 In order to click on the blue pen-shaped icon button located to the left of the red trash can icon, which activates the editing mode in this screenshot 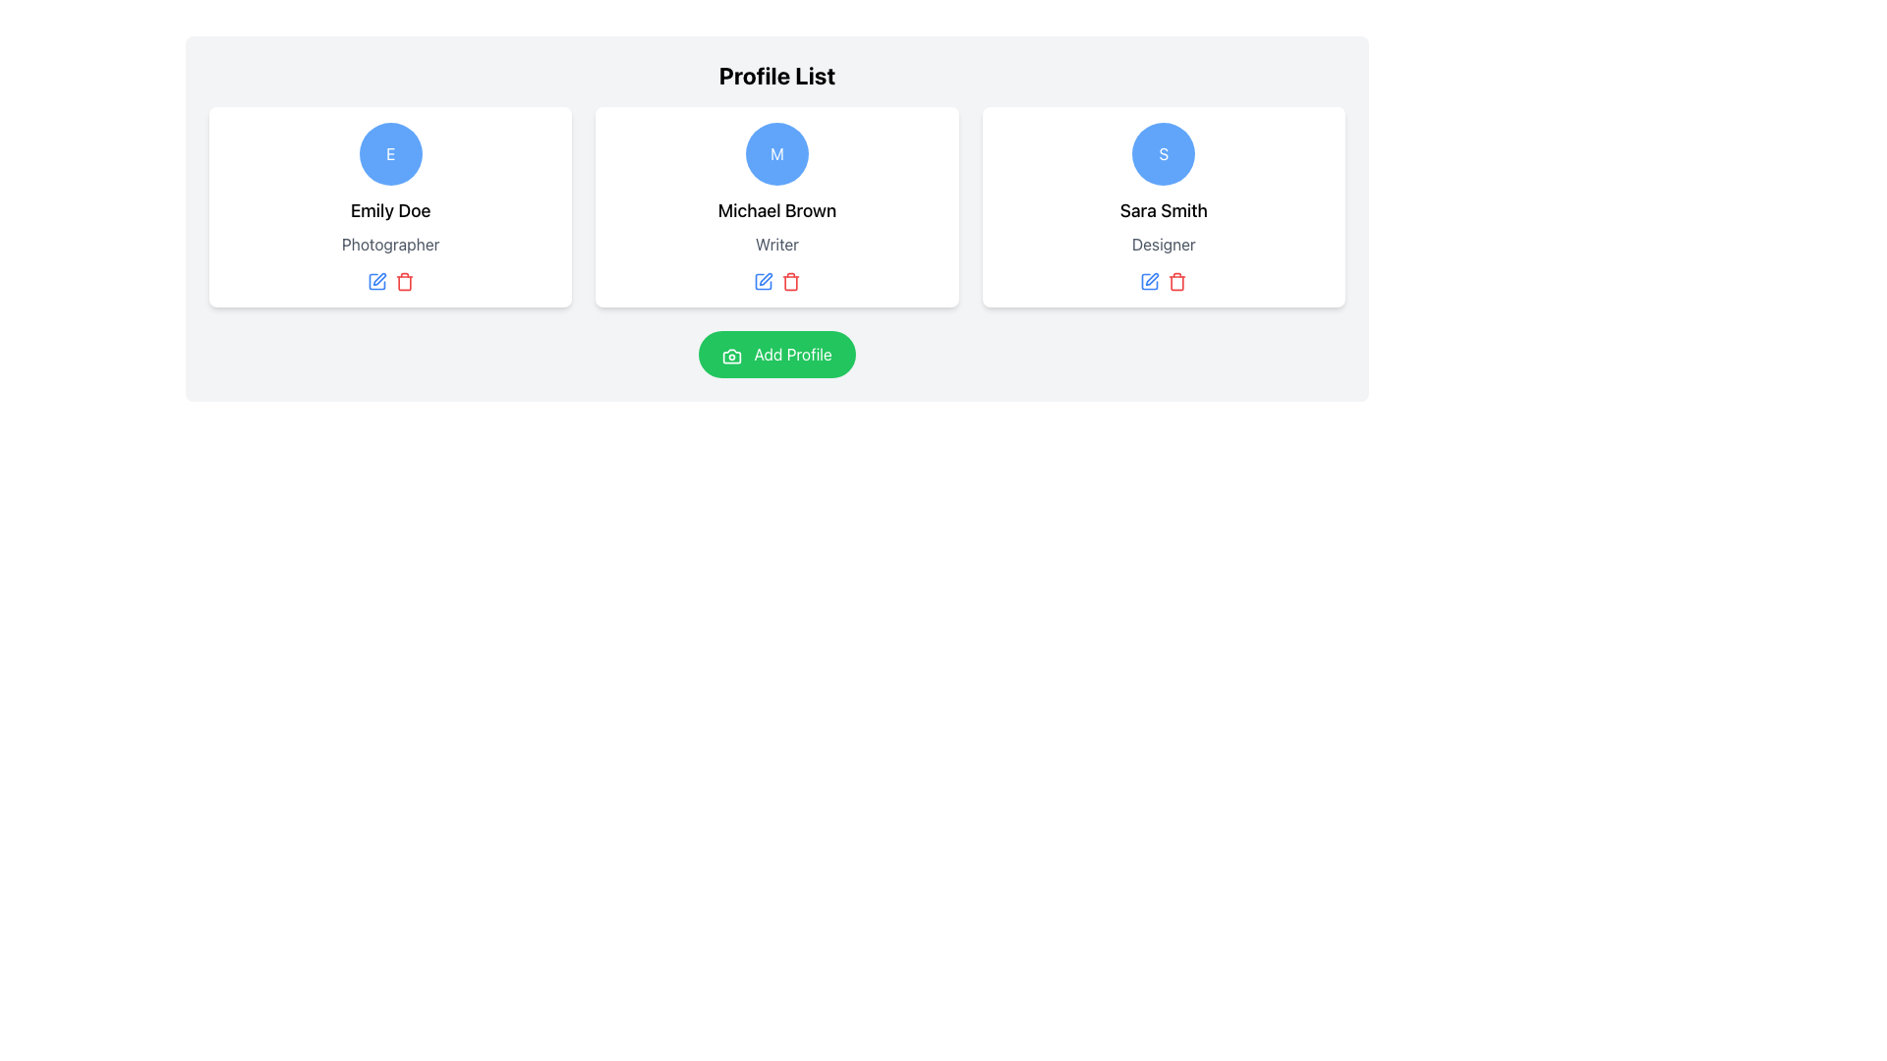, I will do `click(376, 281)`.